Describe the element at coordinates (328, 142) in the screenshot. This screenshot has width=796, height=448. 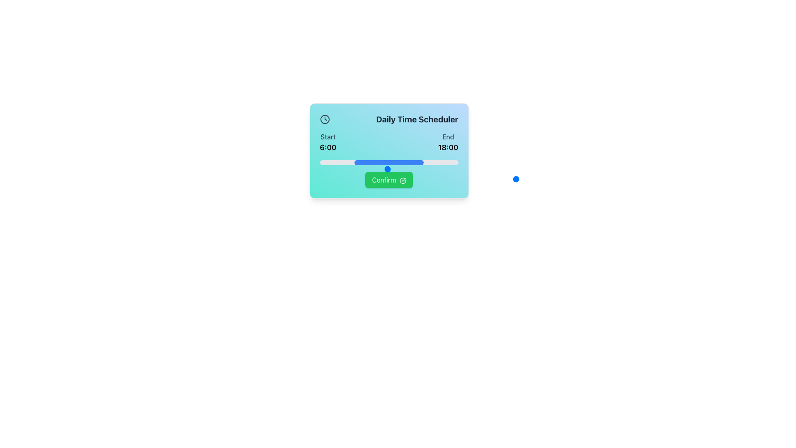
I see `the Static text label displaying 'Start' and '6:00', which is located on a light blue background and is the first element in a horizontal group of similar elements` at that location.